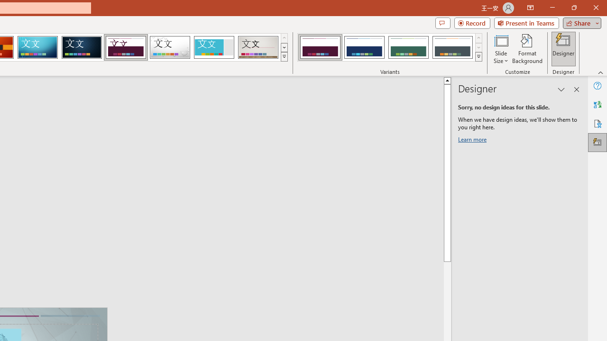 The image size is (607, 341). What do you see at coordinates (597, 86) in the screenshot?
I see `'Help'` at bounding box center [597, 86].